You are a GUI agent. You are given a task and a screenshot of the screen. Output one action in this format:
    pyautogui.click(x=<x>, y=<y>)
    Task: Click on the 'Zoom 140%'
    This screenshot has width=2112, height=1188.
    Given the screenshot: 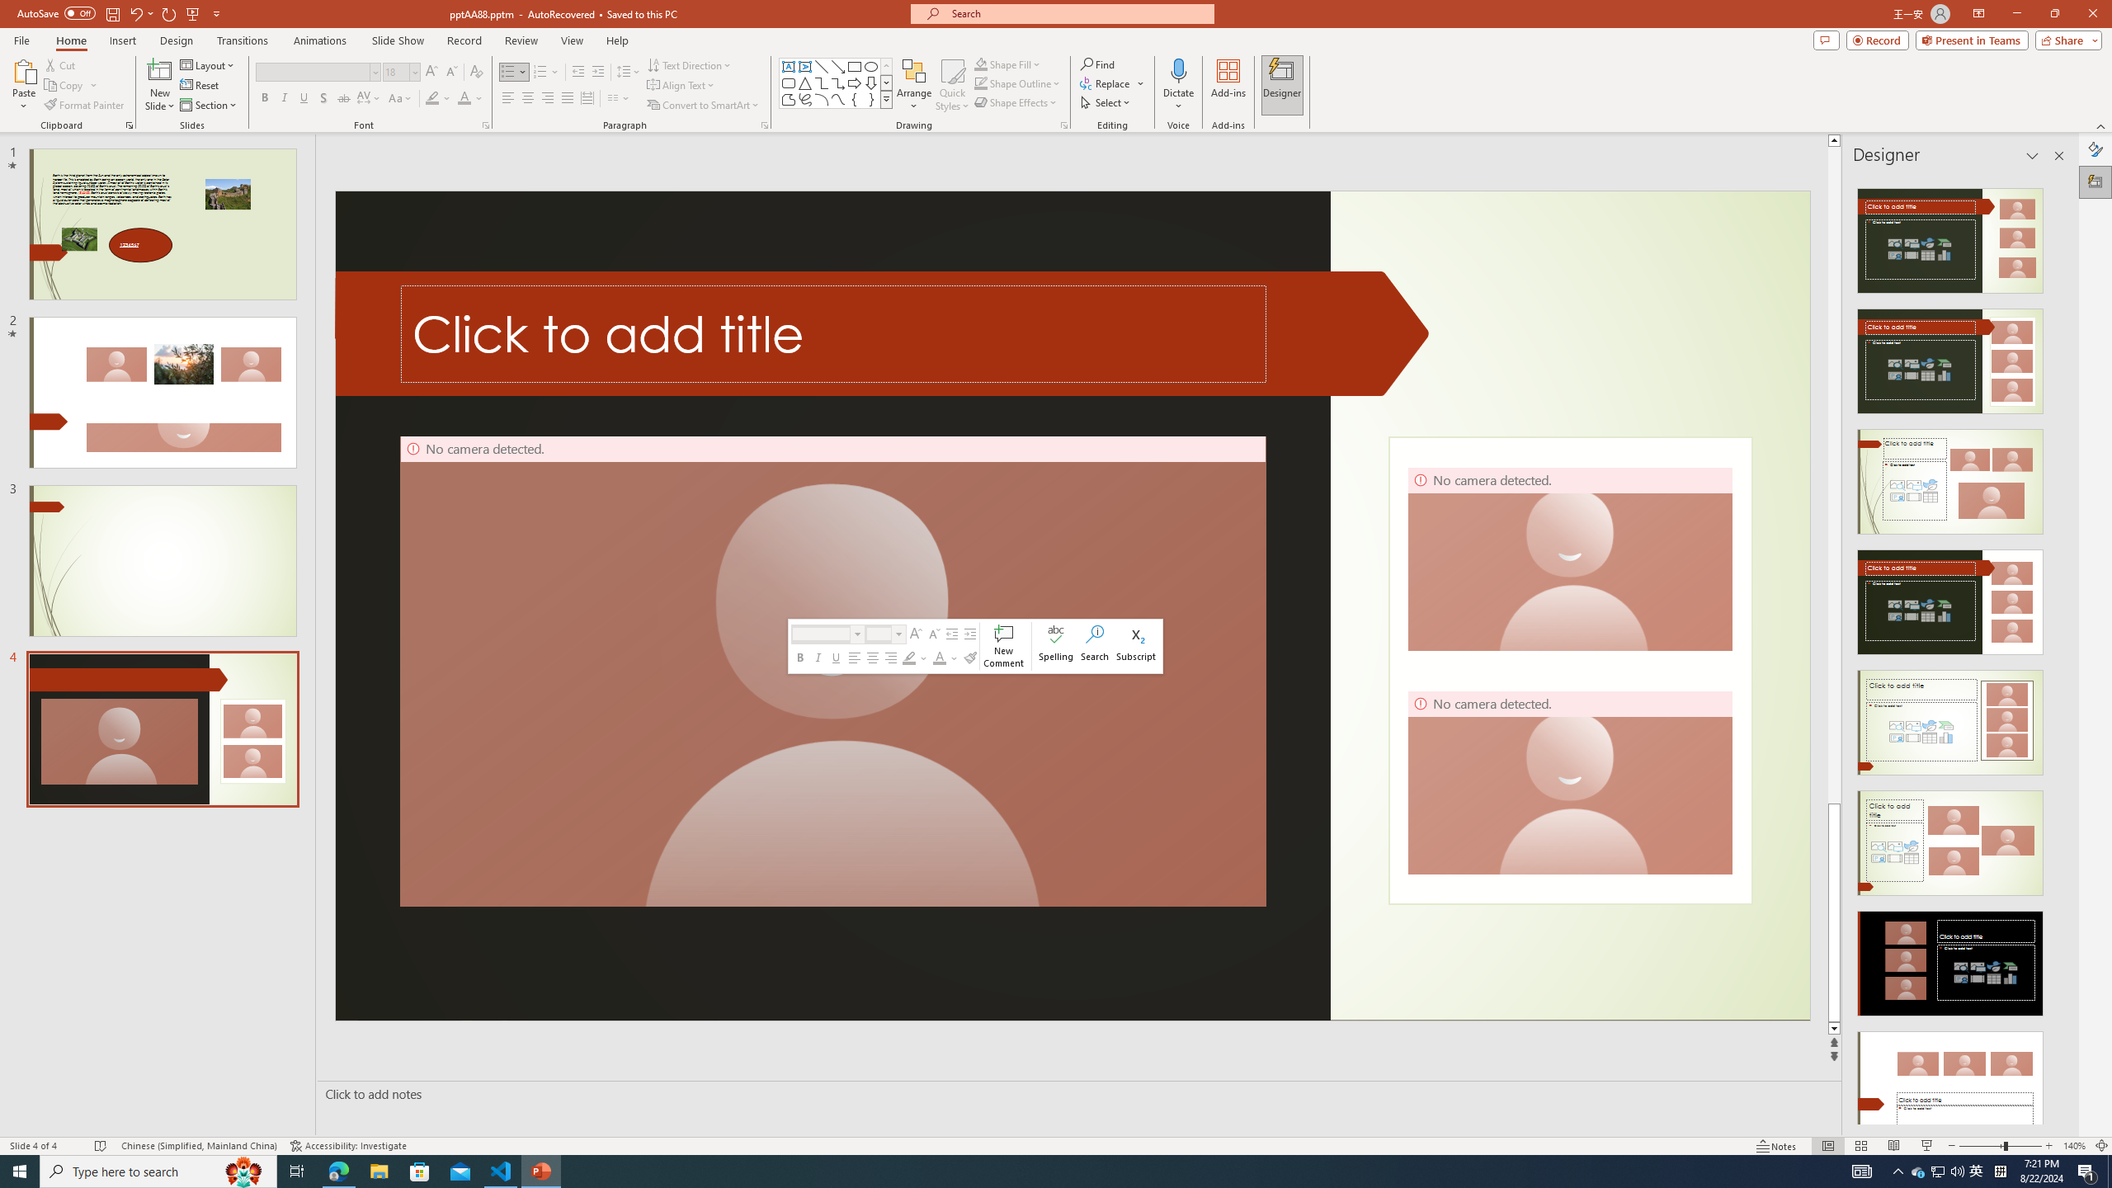 What is the action you would take?
    pyautogui.click(x=2075, y=1146)
    